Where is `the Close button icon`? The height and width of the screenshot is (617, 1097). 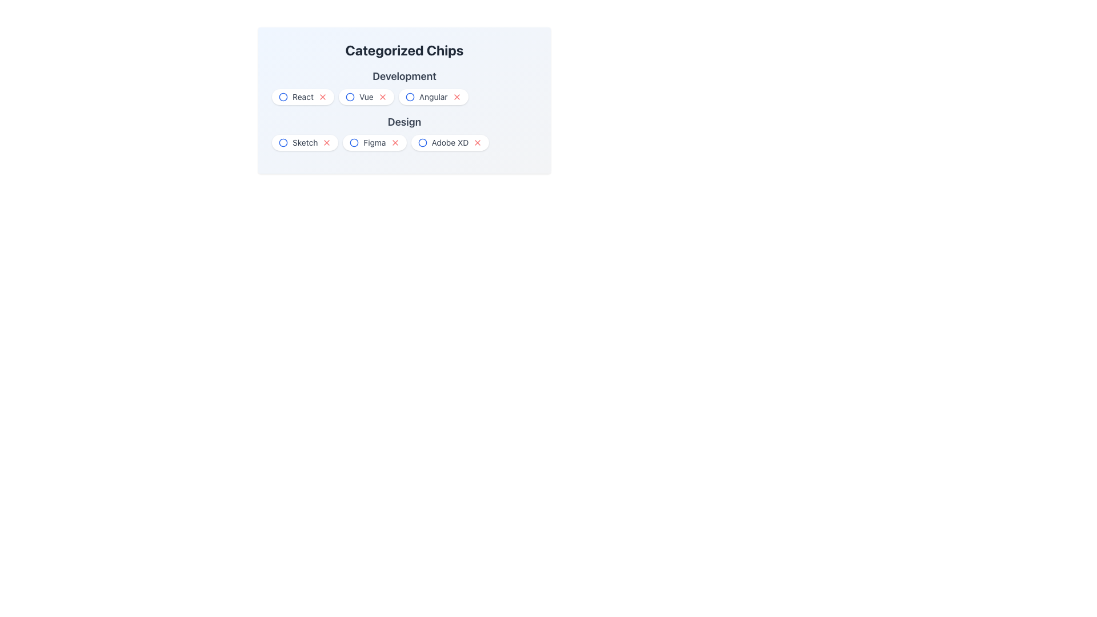 the Close button icon is located at coordinates (456, 96).